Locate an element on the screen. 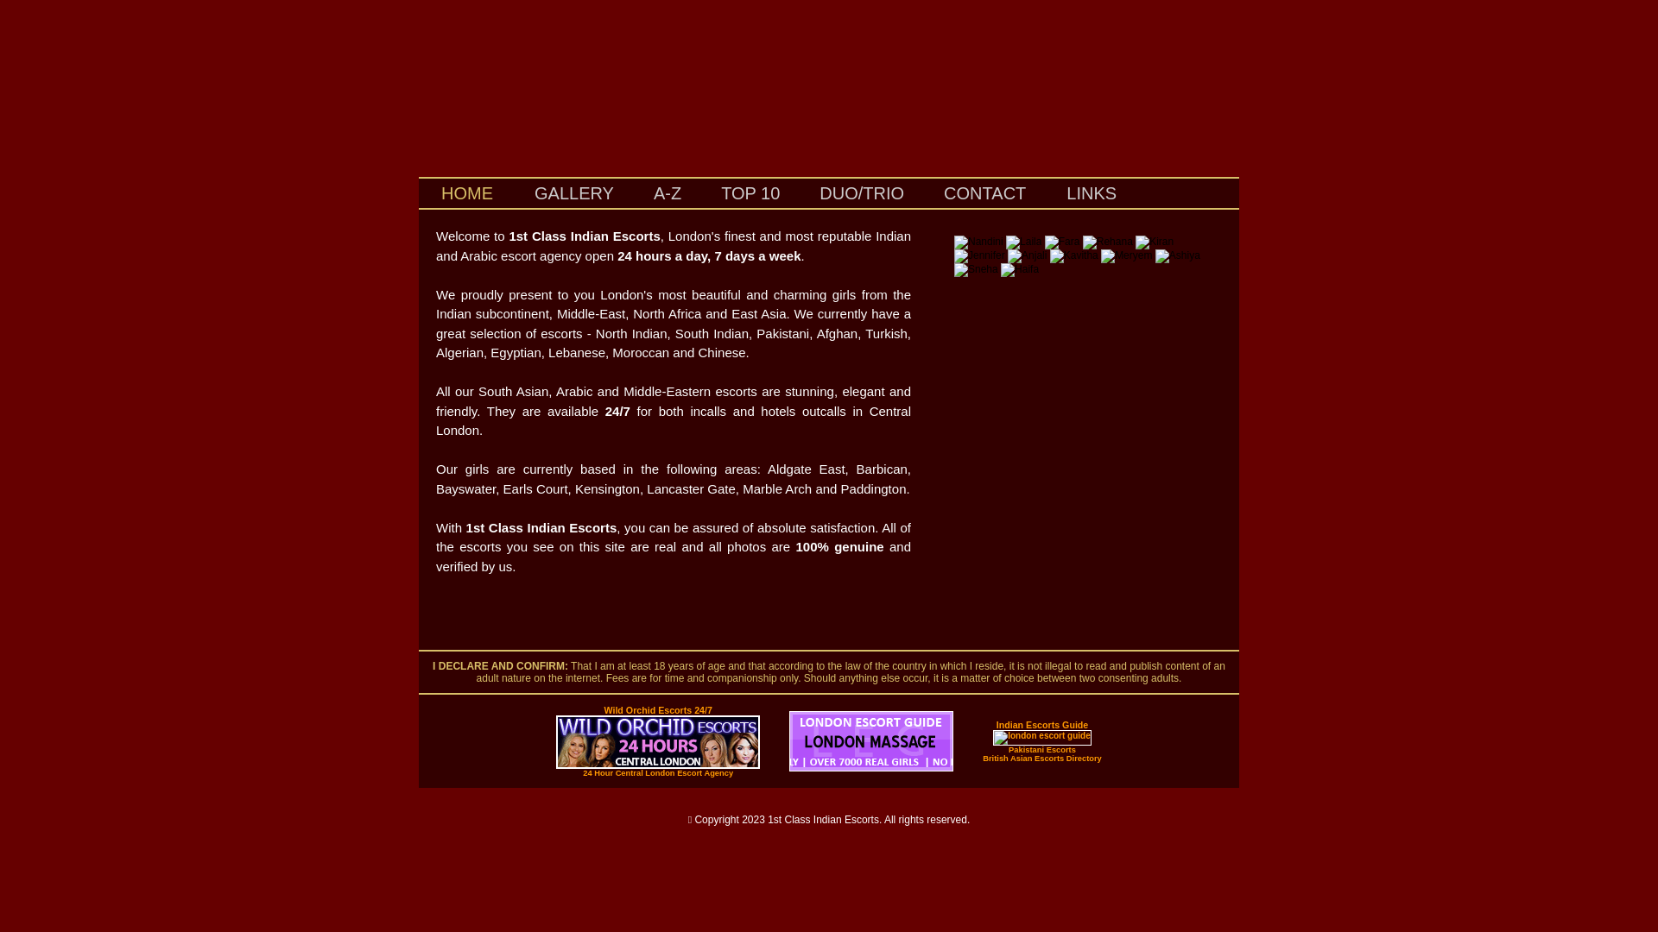  'British Asian Escorts Directory' is located at coordinates (1041, 757).